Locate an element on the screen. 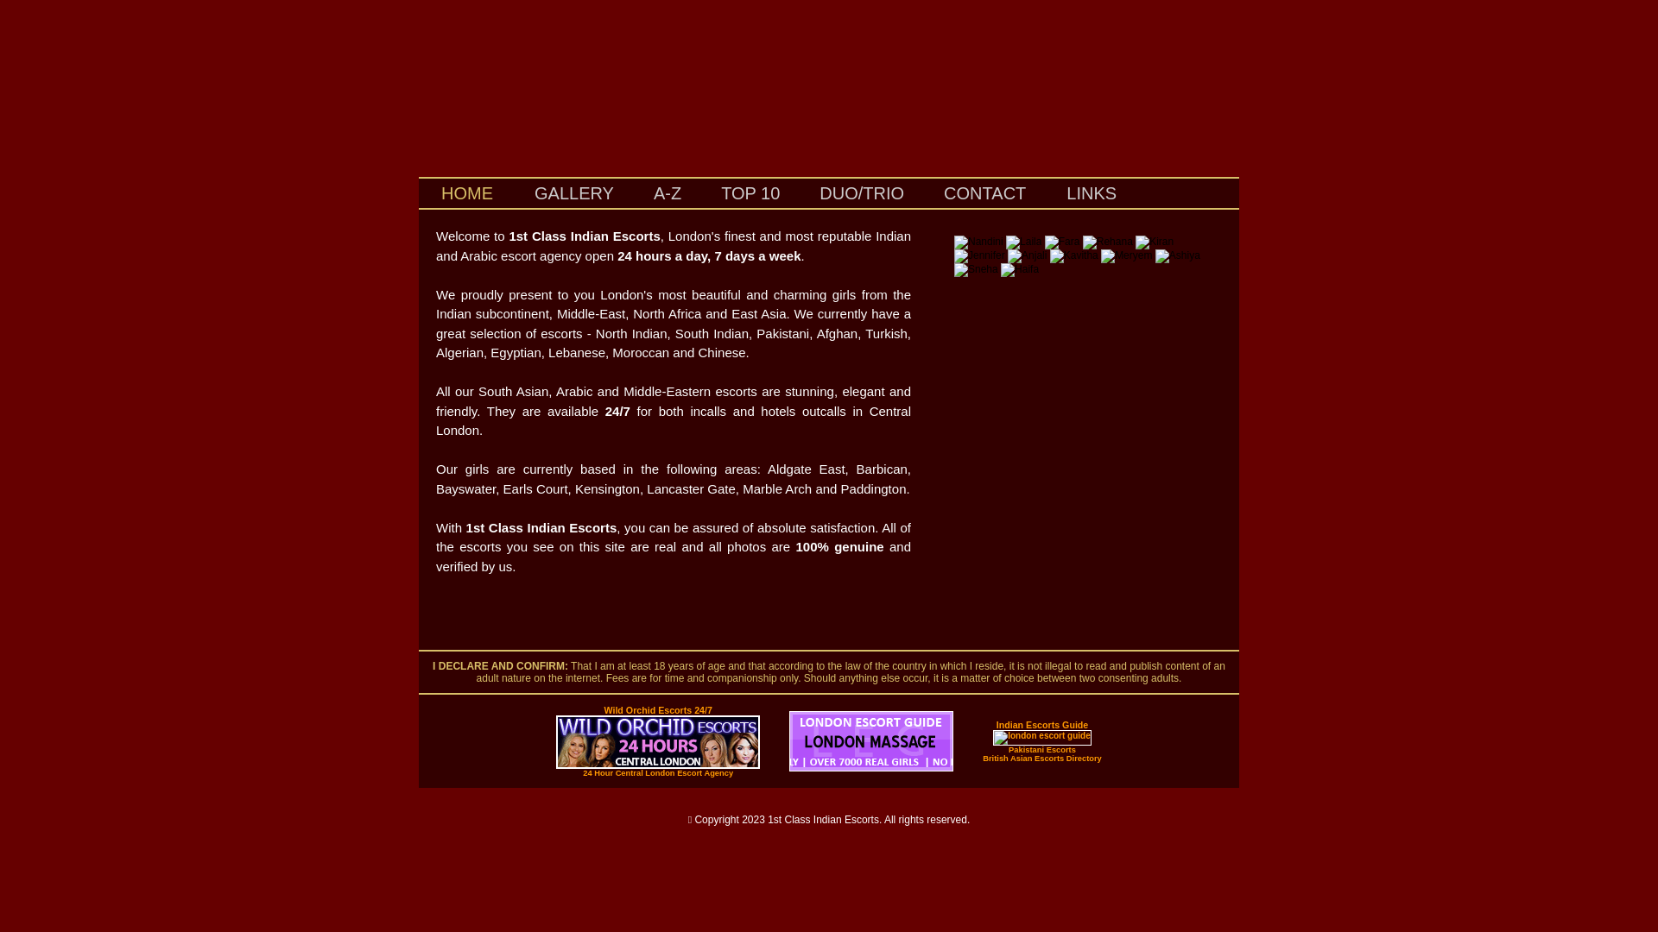  'British Asian Escorts Directory' is located at coordinates (1041, 757).